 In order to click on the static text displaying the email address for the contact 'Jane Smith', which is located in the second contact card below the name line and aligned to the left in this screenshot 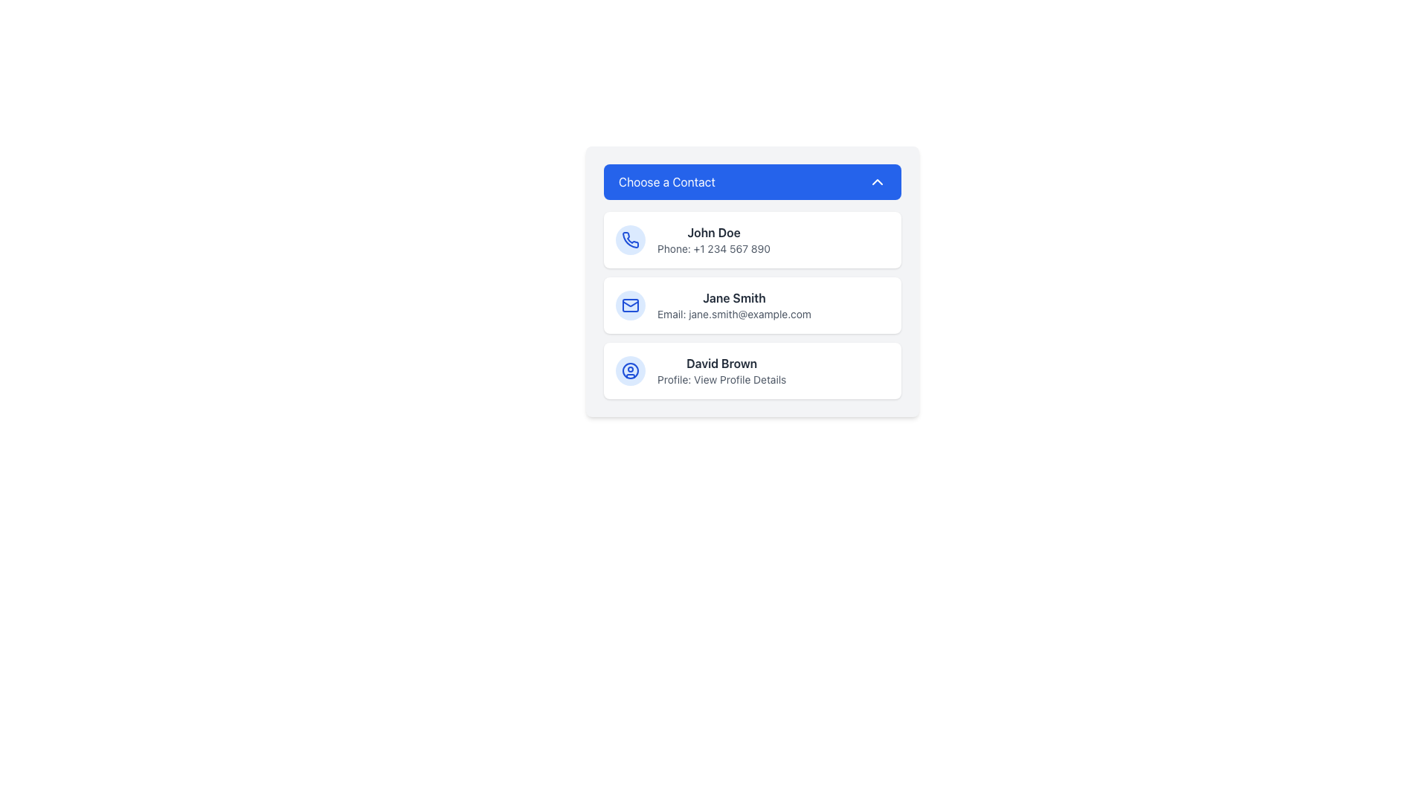, I will do `click(734, 314)`.